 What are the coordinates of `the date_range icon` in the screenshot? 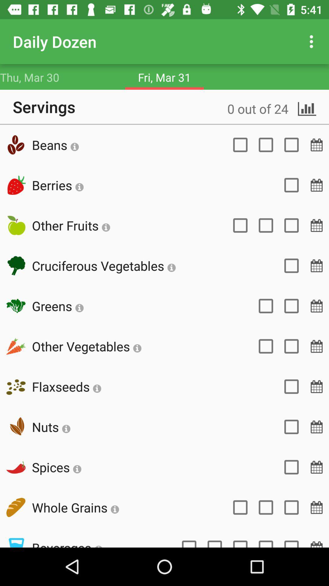 It's located at (316, 467).